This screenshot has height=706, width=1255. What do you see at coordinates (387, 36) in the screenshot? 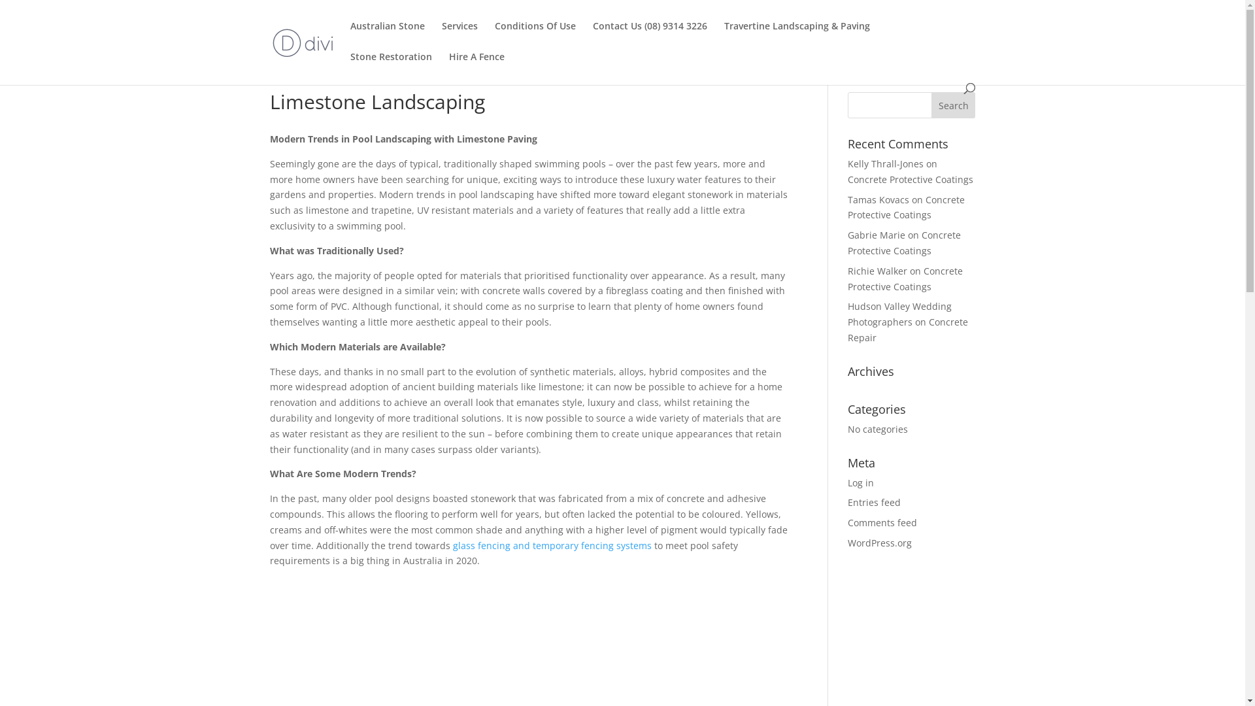
I see `'Australian Stone'` at bounding box center [387, 36].